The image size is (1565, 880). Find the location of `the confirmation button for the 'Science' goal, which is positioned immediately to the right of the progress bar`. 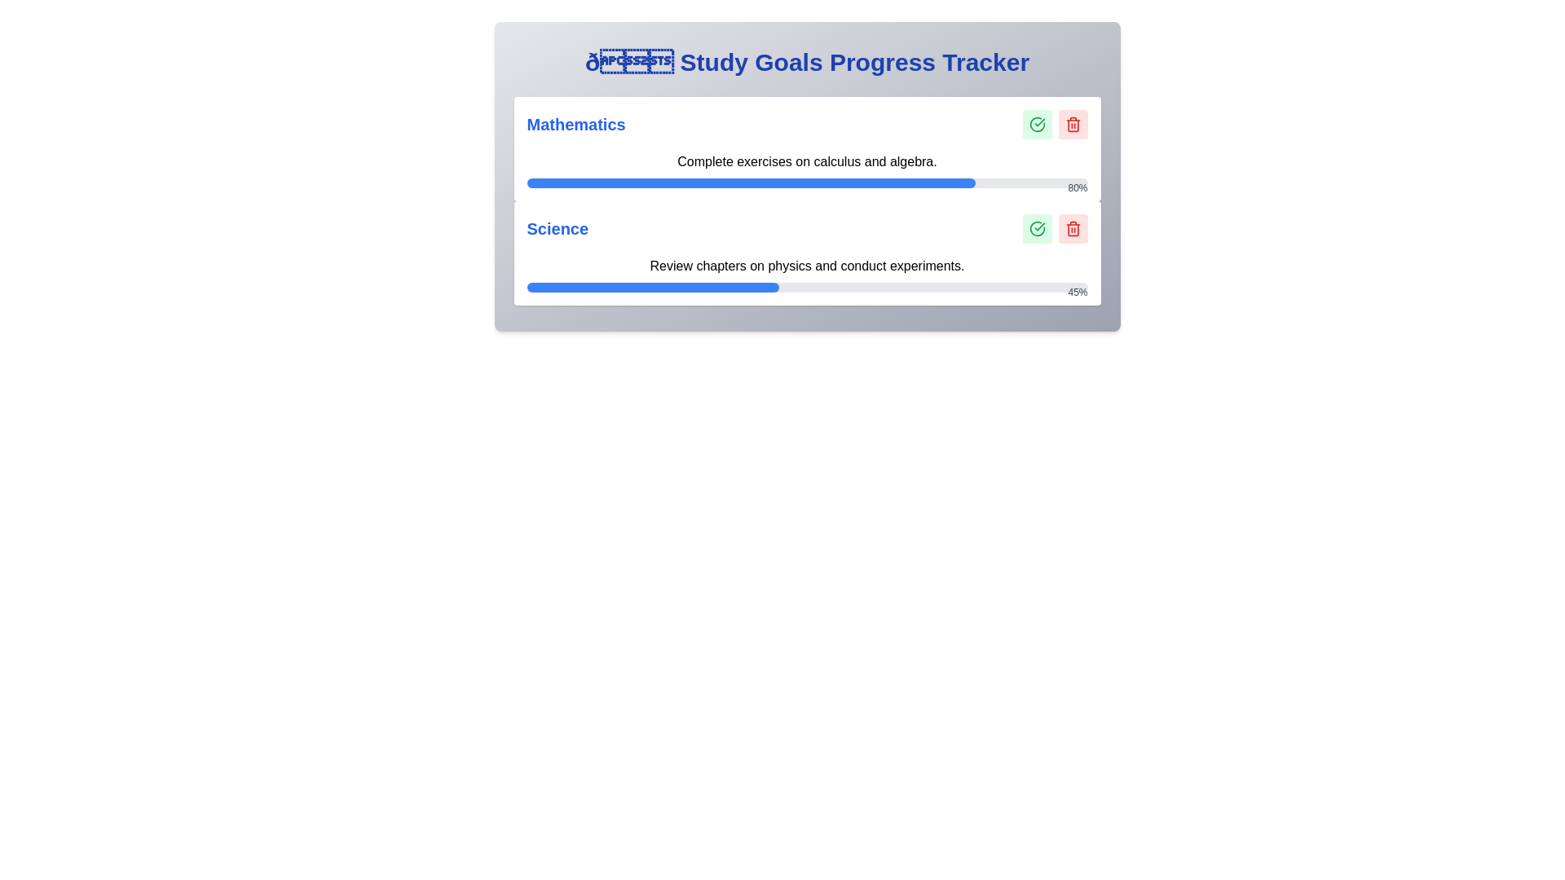

the confirmation button for the 'Science' goal, which is positioned immediately to the right of the progress bar is located at coordinates (1036, 229).